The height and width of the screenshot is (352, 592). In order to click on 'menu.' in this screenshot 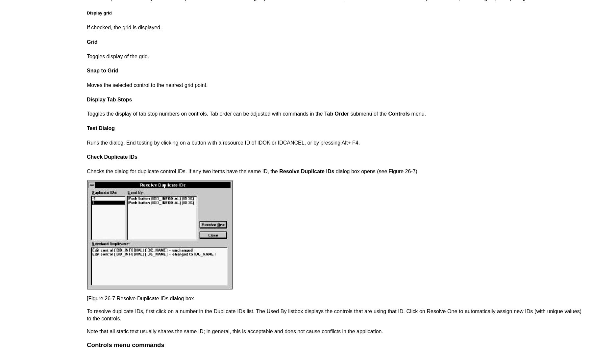, I will do `click(418, 114)`.